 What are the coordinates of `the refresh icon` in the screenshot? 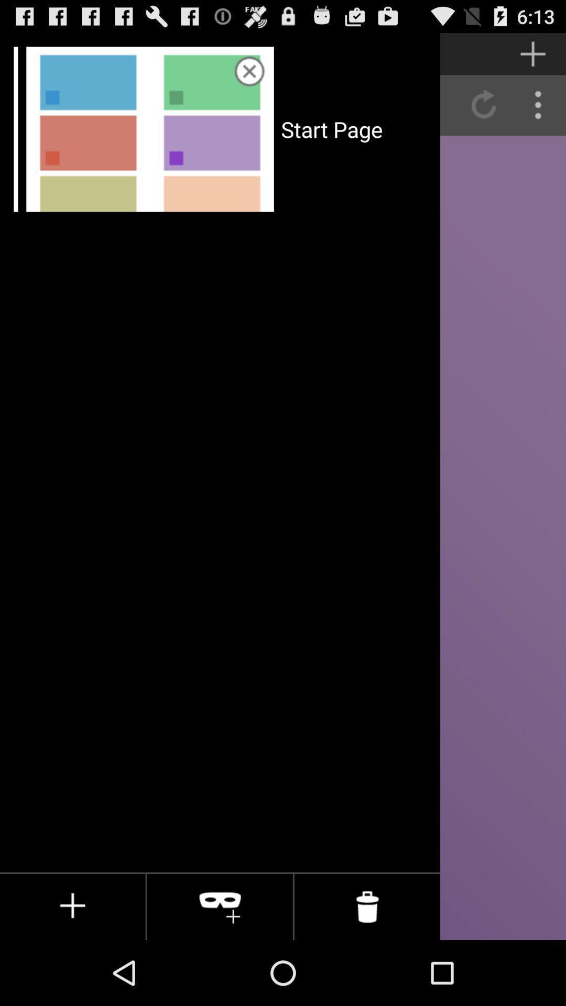 It's located at (483, 113).